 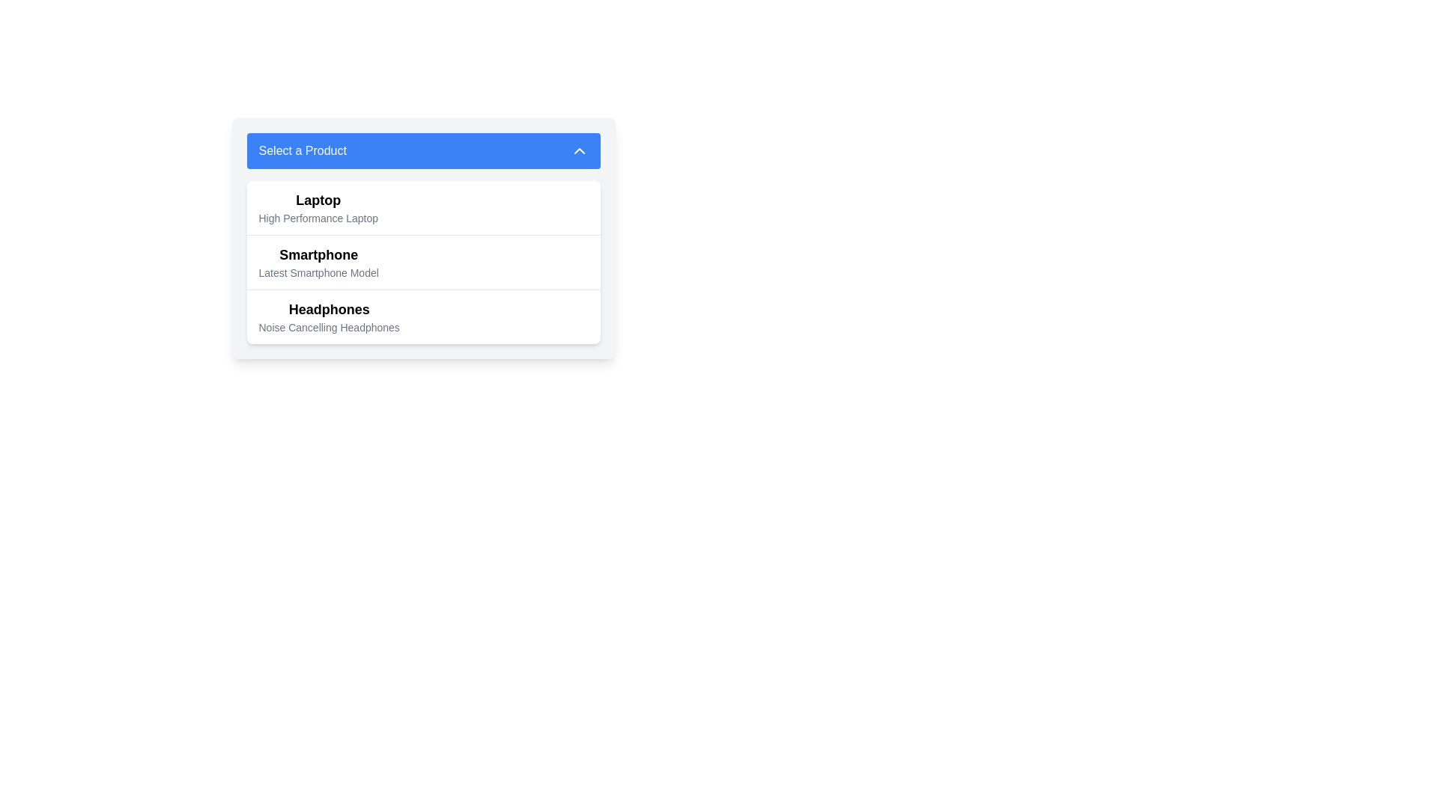 I want to click on the bold-styled text label displaying 'Smartphone', so click(x=318, y=254).